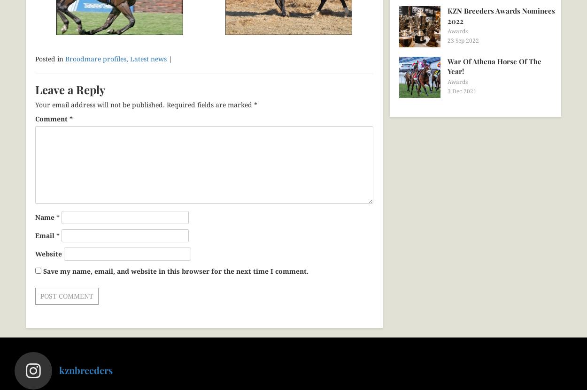 Image resolution: width=587 pixels, height=390 pixels. What do you see at coordinates (462, 90) in the screenshot?
I see `'3 Dec 2021'` at bounding box center [462, 90].